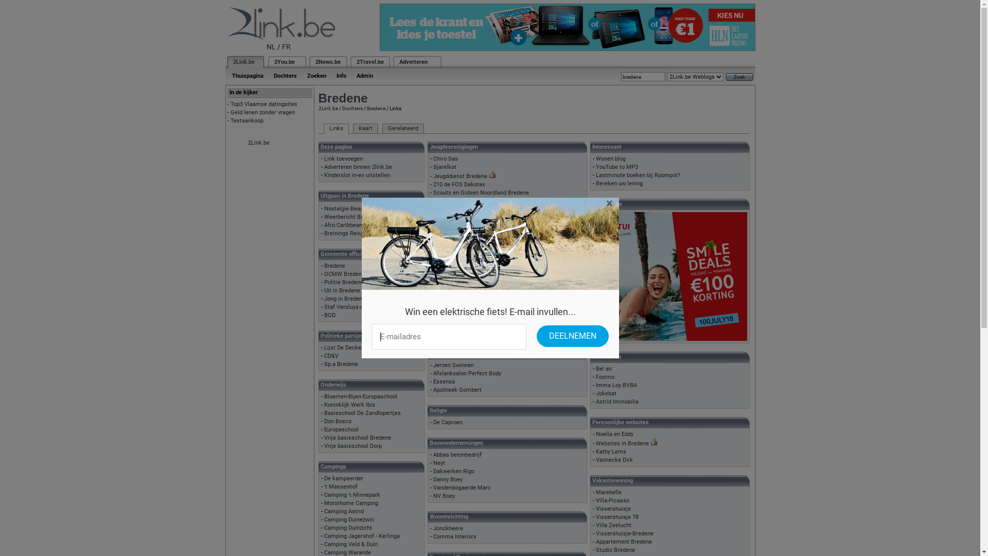  What do you see at coordinates (315, 75) in the screenshot?
I see `'Zoeken'` at bounding box center [315, 75].